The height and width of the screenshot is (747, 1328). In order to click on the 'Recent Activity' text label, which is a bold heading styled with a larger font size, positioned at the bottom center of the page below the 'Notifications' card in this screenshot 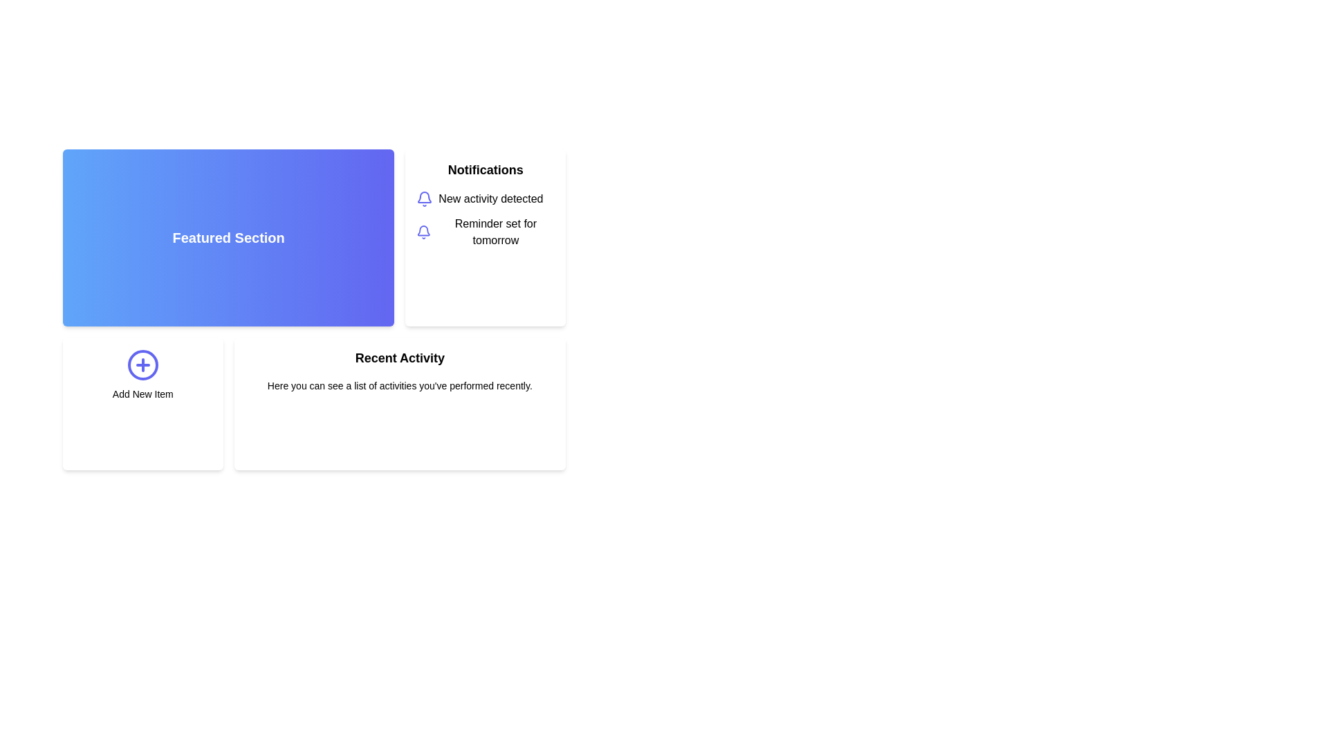, I will do `click(399, 357)`.